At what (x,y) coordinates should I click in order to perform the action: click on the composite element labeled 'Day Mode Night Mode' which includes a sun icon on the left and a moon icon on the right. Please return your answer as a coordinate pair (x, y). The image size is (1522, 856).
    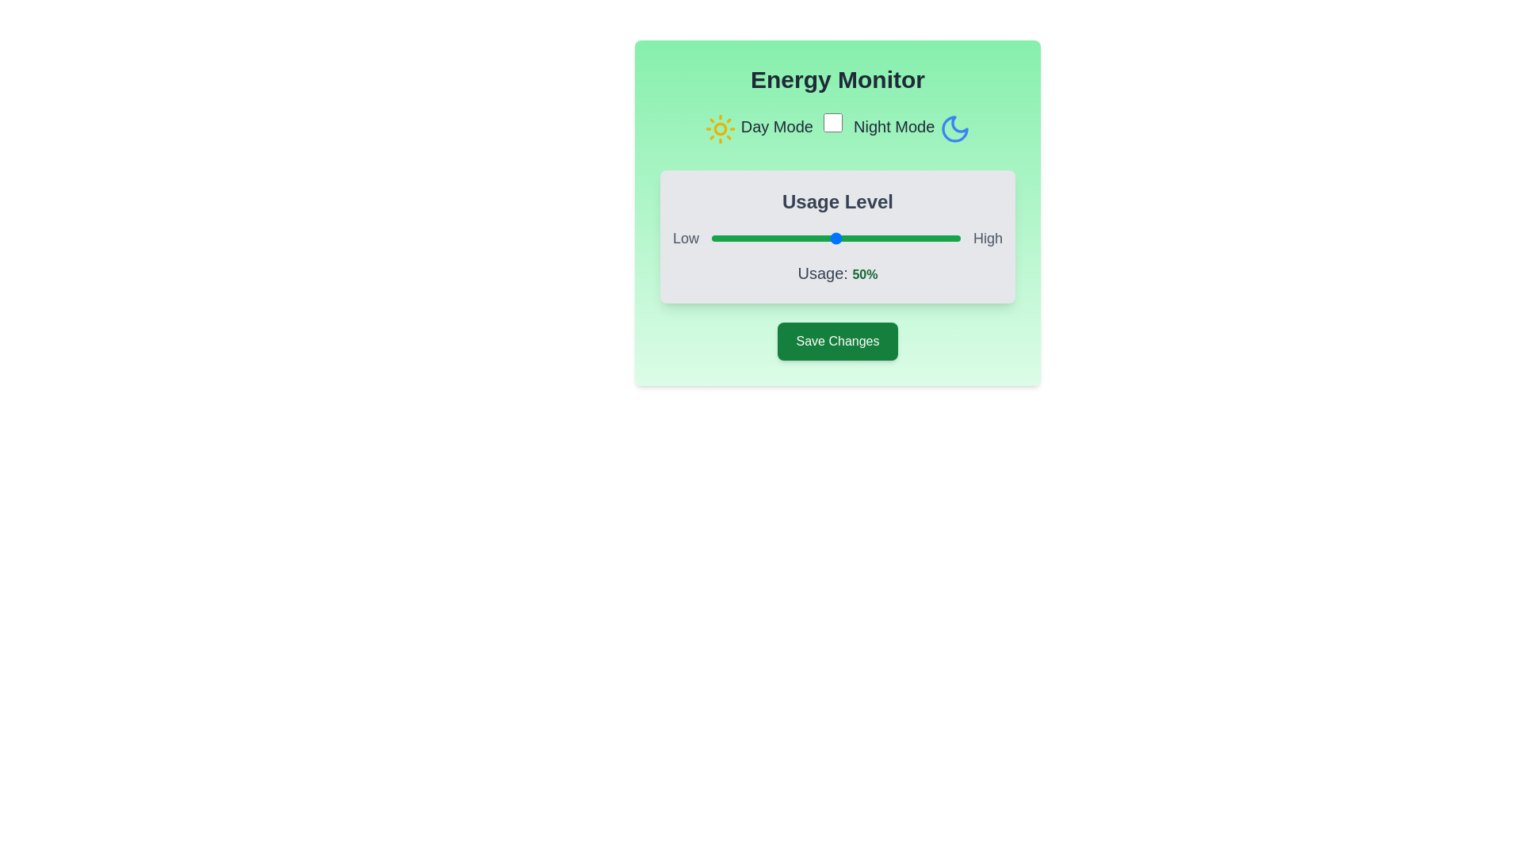
    Looking at the image, I should click on (836, 128).